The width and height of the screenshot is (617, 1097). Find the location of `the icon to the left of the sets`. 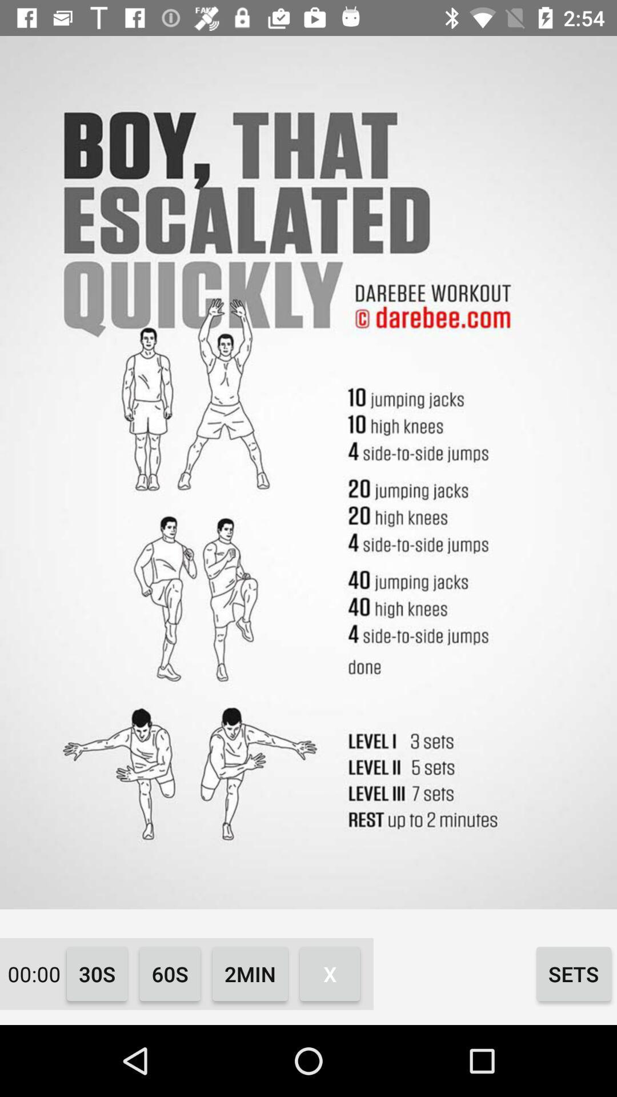

the icon to the left of the sets is located at coordinates (330, 973).